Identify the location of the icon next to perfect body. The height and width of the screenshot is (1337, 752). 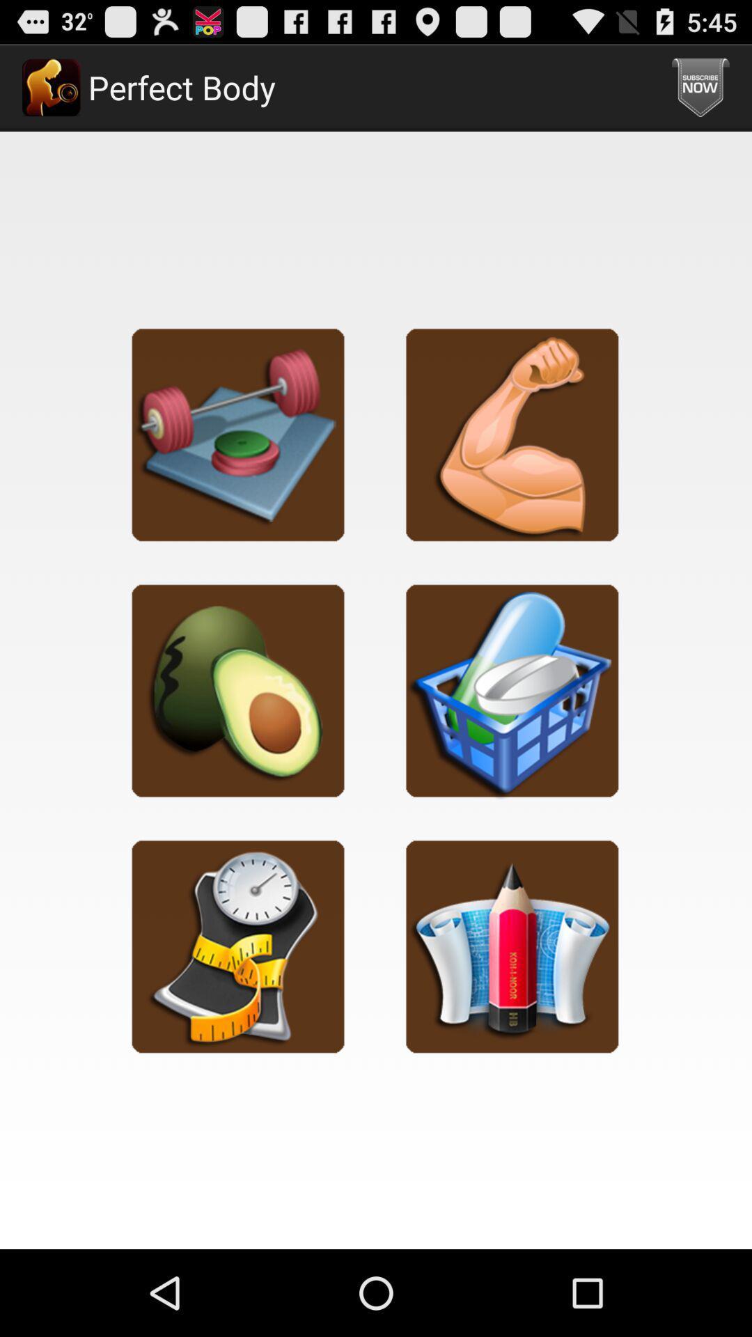
(700, 86).